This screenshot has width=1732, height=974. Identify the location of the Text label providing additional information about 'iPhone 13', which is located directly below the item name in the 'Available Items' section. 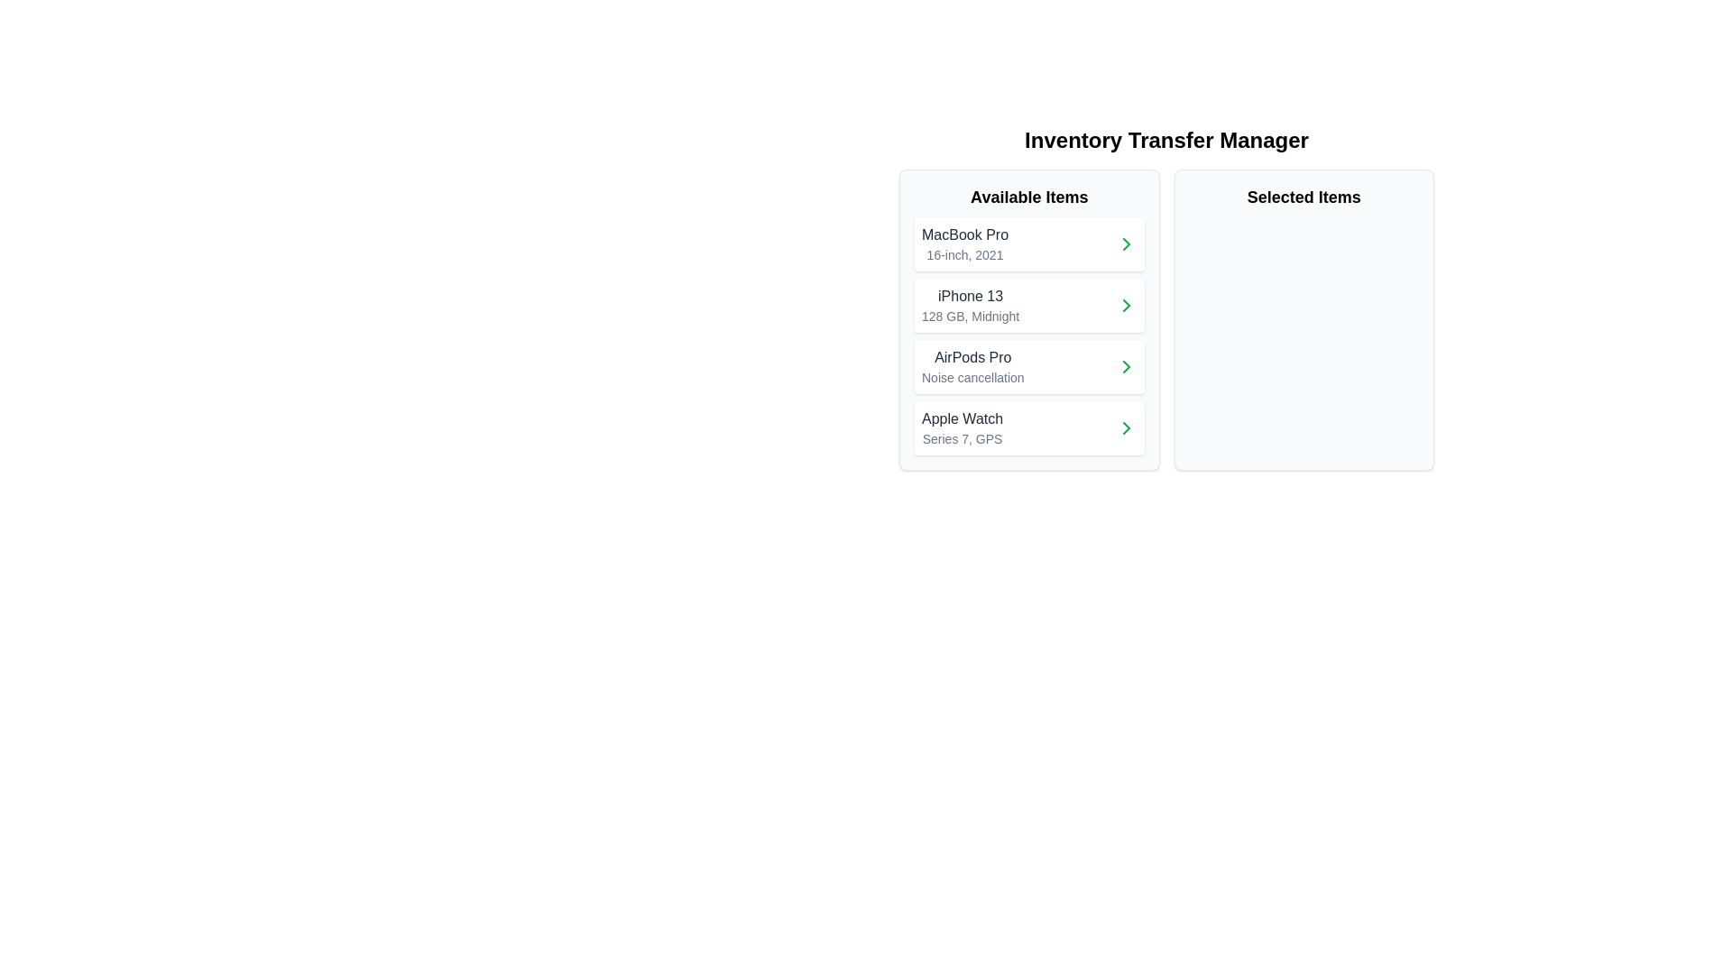
(970, 316).